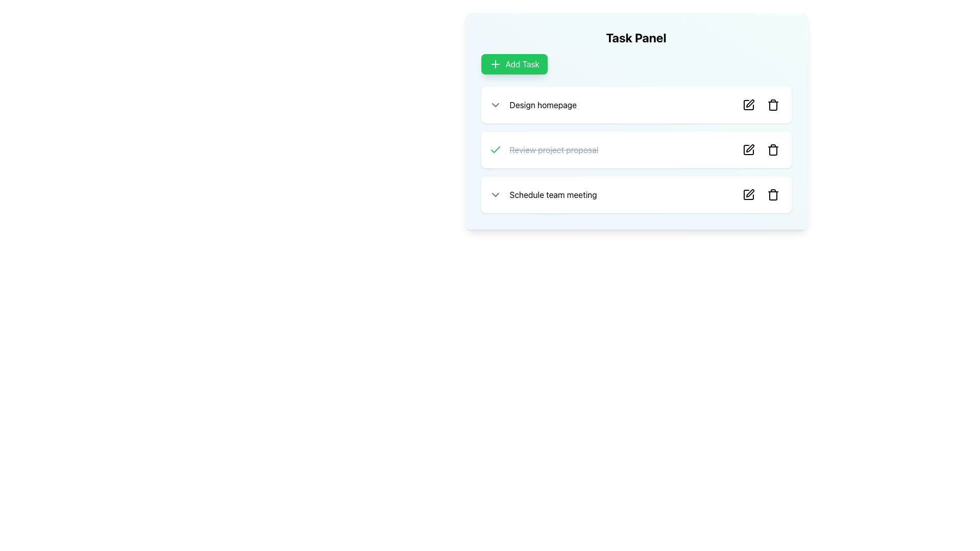 This screenshot has width=980, height=551. I want to click on the Delete button icon located at the end of the row for the task titled 'Schedule team meeting', so click(773, 194).